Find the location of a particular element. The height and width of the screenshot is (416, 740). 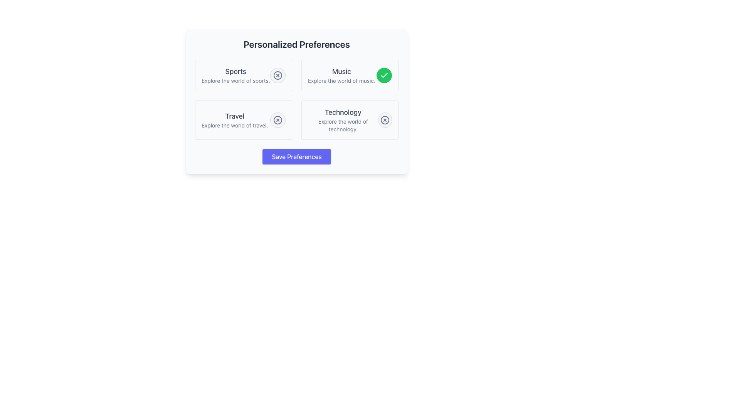

the text label displaying 'Explore the world of sports.' located below the 'Sports' title in the Sports preference section is located at coordinates (235, 81).